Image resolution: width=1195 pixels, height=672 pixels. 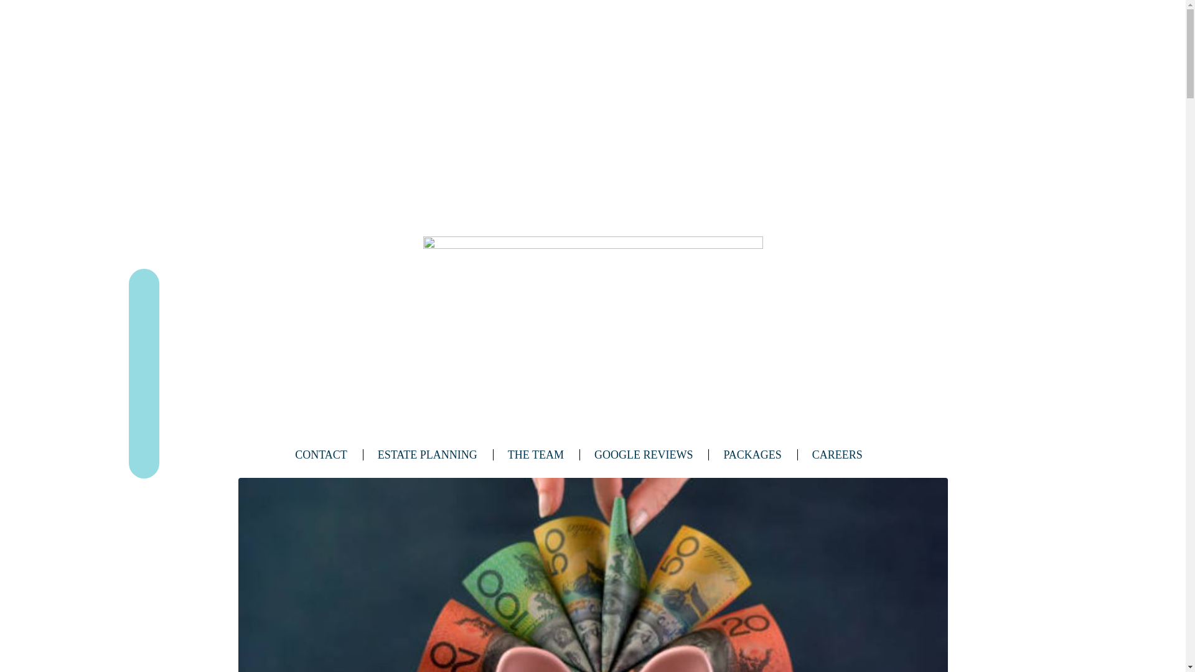 What do you see at coordinates (543, 455) in the screenshot?
I see `'THE TEAM'` at bounding box center [543, 455].